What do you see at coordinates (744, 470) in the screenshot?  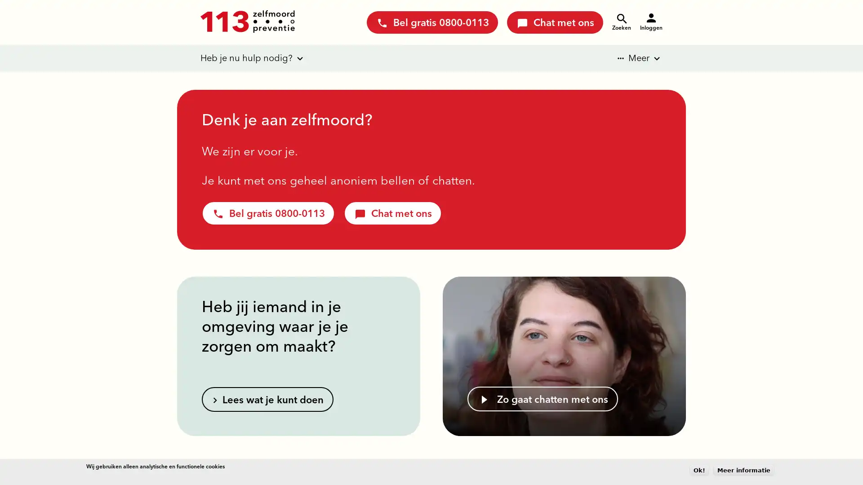 I see `Meer informatie` at bounding box center [744, 470].